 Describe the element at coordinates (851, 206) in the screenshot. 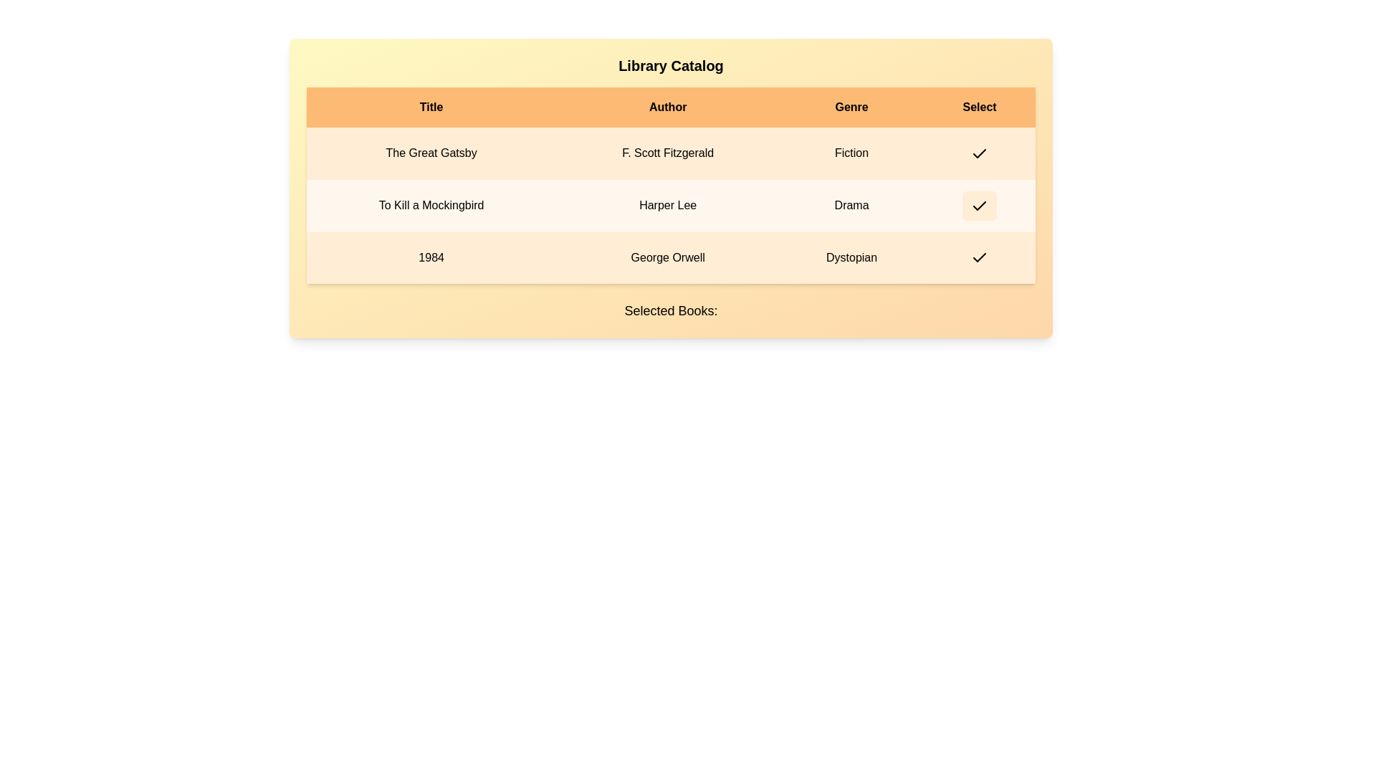

I see `the text label indicating the book 'To Kill a Mockingbird' classified under the 'Drama' genre` at that location.